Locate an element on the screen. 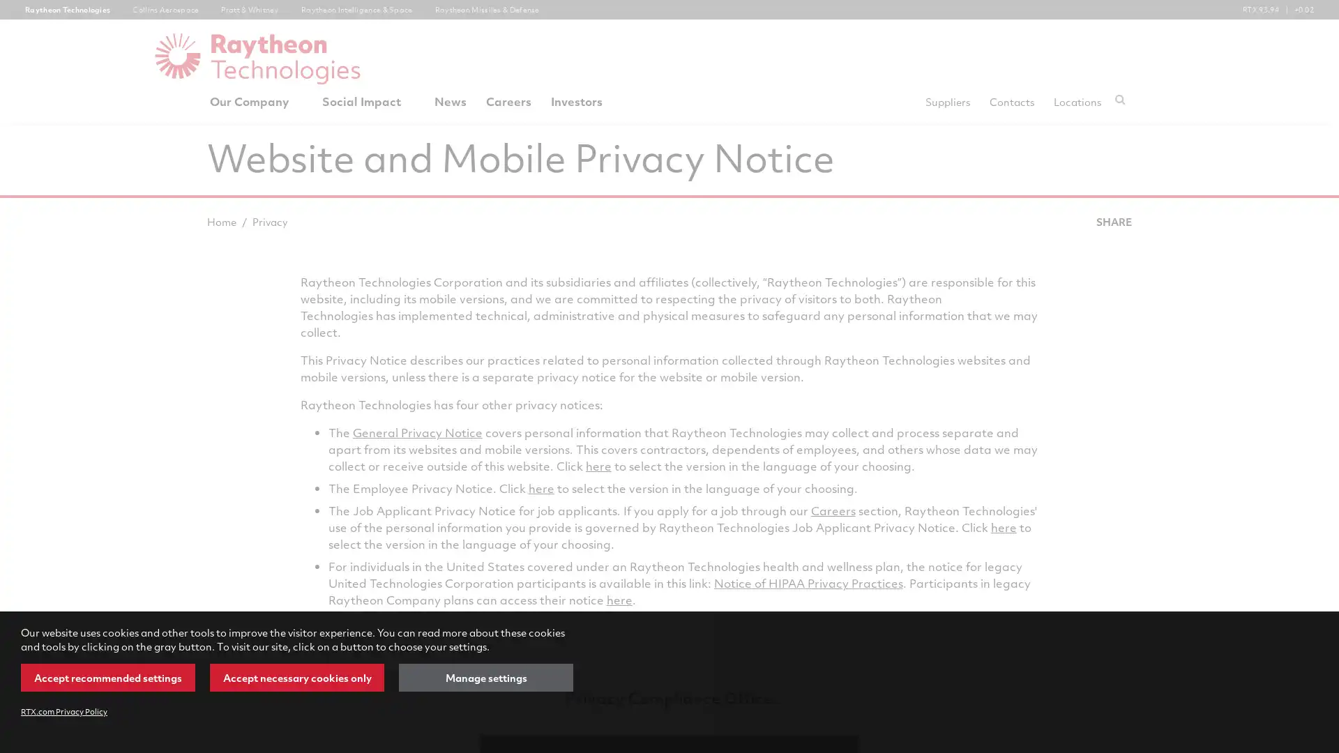 Image resolution: width=1339 pixels, height=753 pixels. Submit search request is located at coordinates (1120, 98).